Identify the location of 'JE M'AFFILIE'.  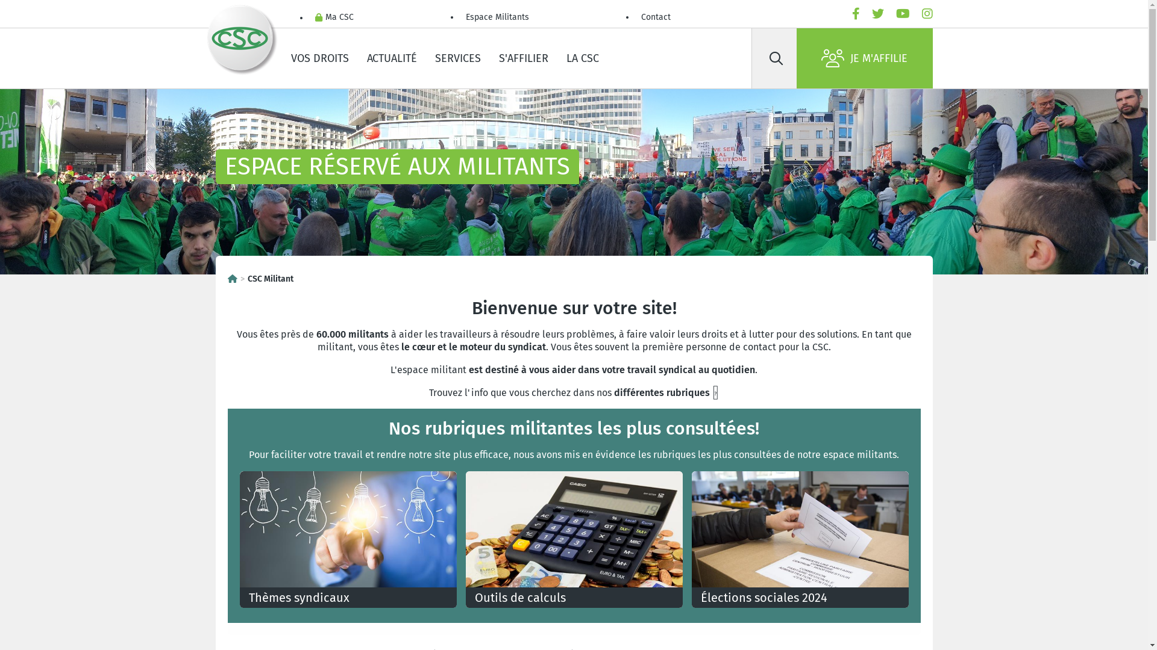
(864, 58).